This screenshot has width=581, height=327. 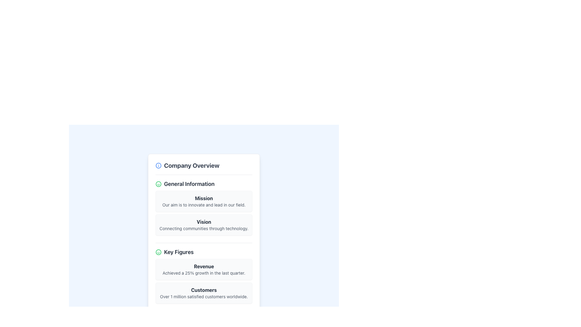 I want to click on the Text Label that serves as a header or title indicating the main purpose or theme of the associated content, located in the card under 'General Information', so click(x=204, y=222).